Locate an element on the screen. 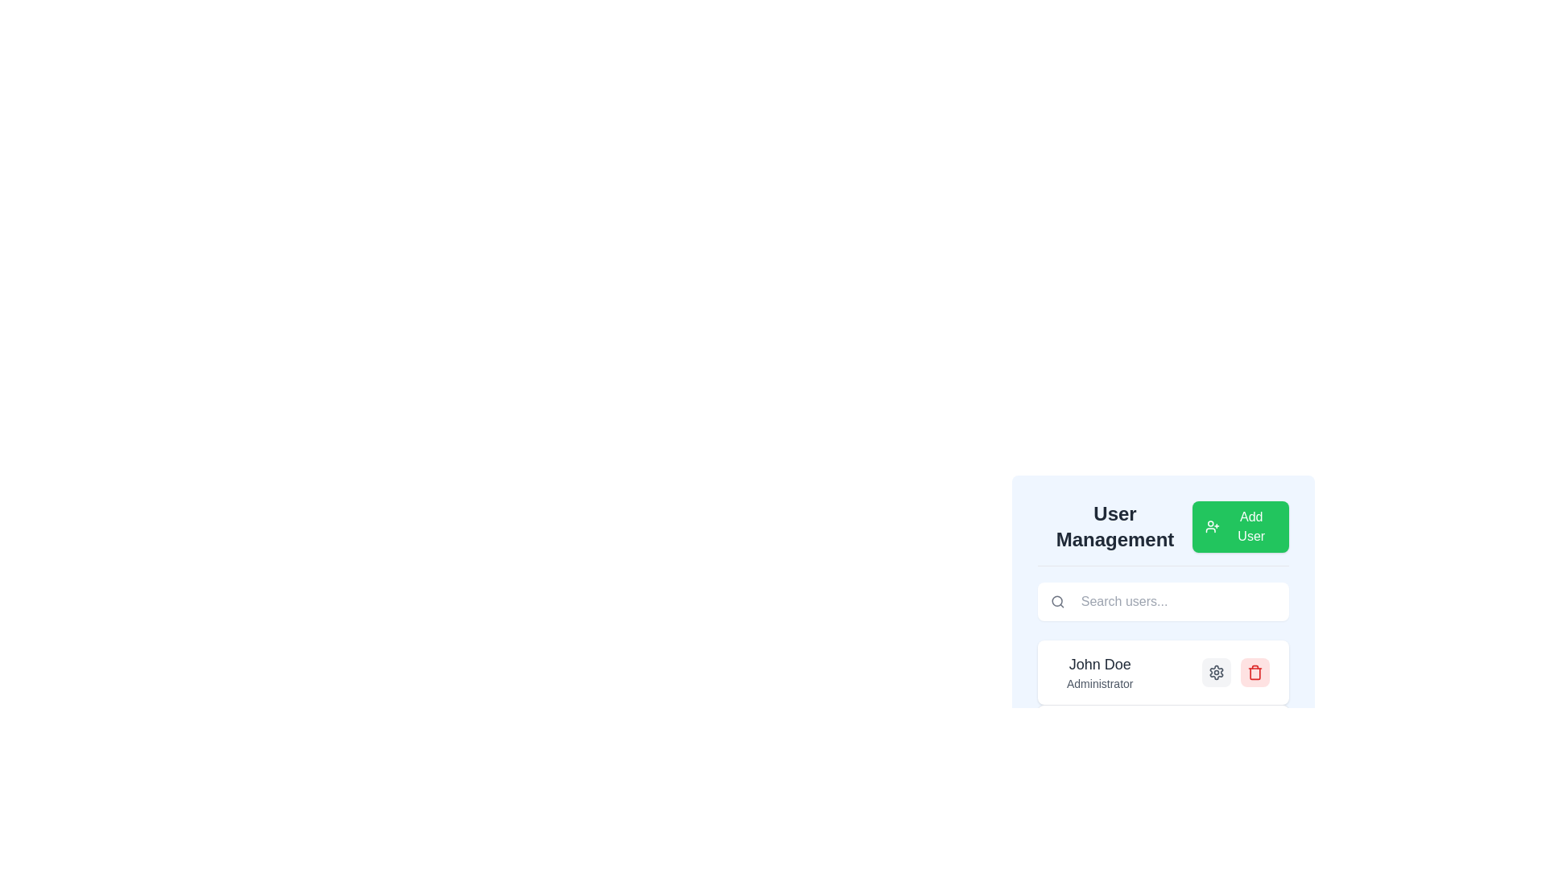  text label 'Administrator' located below 'John Doe' in the user card component of the User Management interface is located at coordinates (1099, 683).